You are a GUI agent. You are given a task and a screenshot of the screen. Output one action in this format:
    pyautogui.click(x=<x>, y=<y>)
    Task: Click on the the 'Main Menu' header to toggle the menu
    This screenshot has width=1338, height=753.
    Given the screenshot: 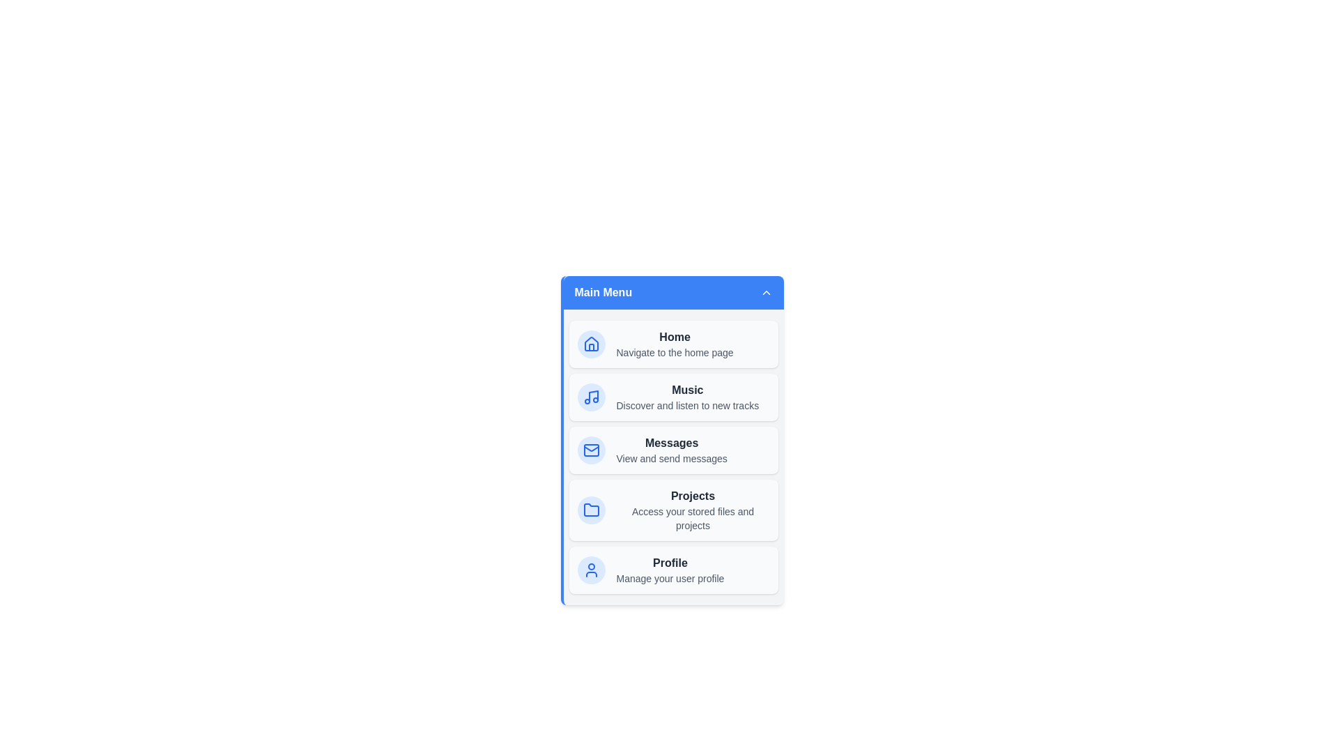 What is the action you would take?
    pyautogui.click(x=673, y=292)
    